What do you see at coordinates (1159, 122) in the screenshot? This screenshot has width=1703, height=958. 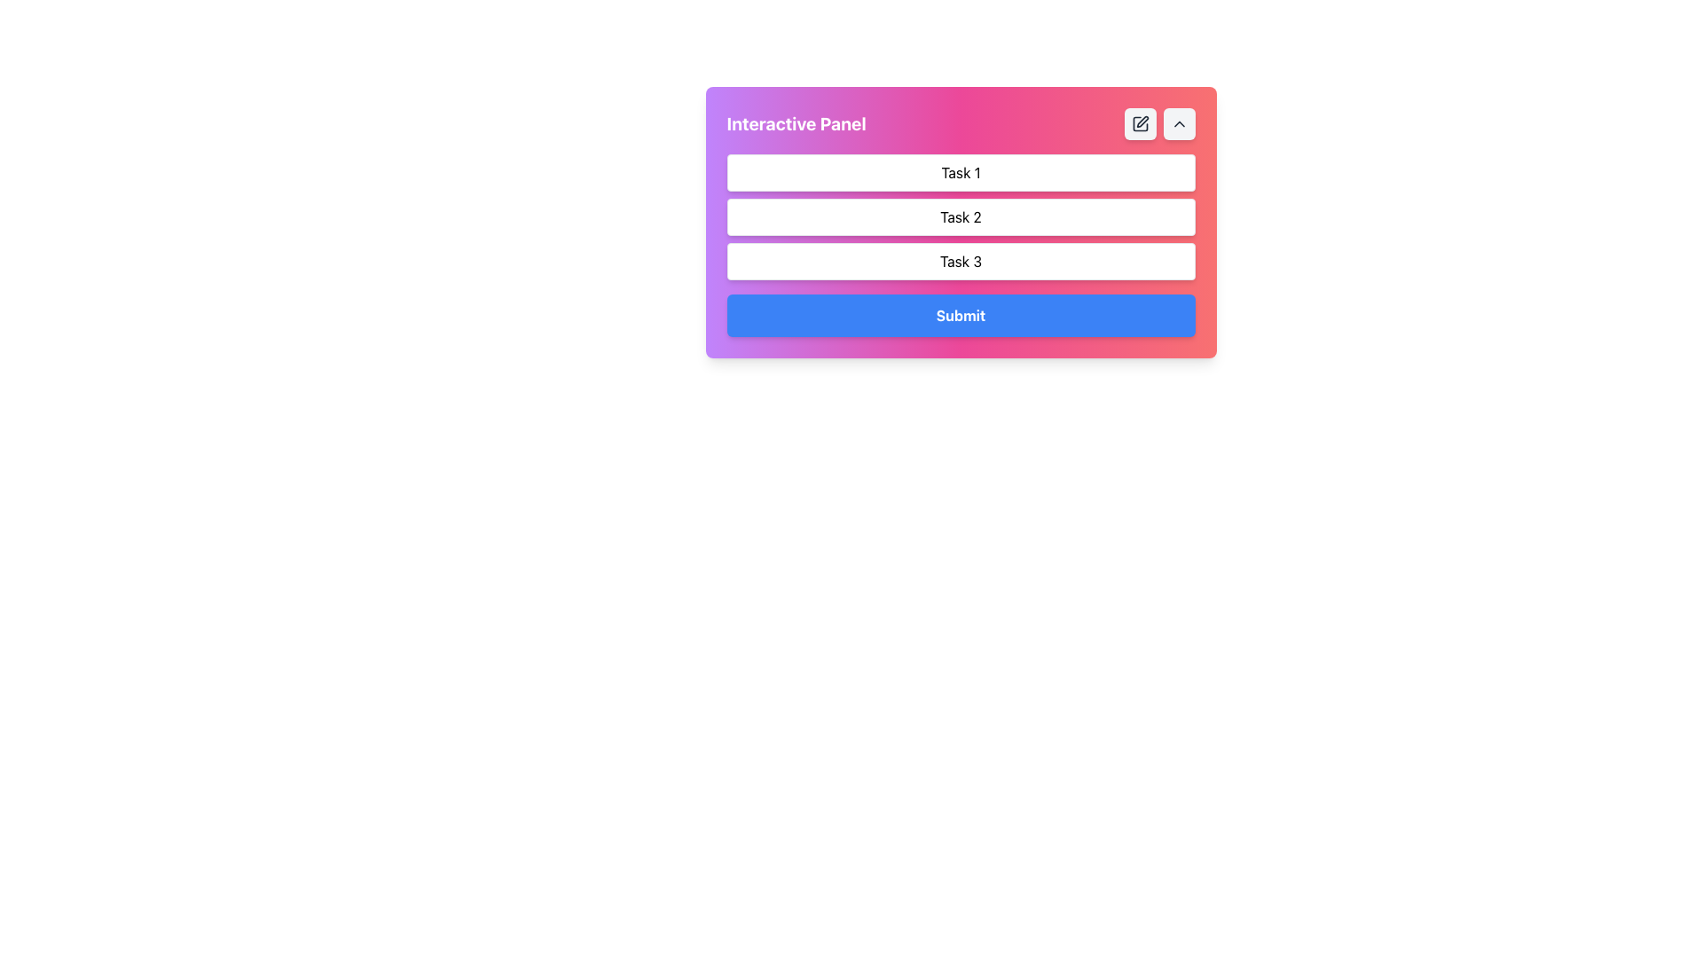 I see `the left icon of the horizontally aligned group of icon buttons located in the top-right corner of the 'Interactive Panel' header` at bounding box center [1159, 122].